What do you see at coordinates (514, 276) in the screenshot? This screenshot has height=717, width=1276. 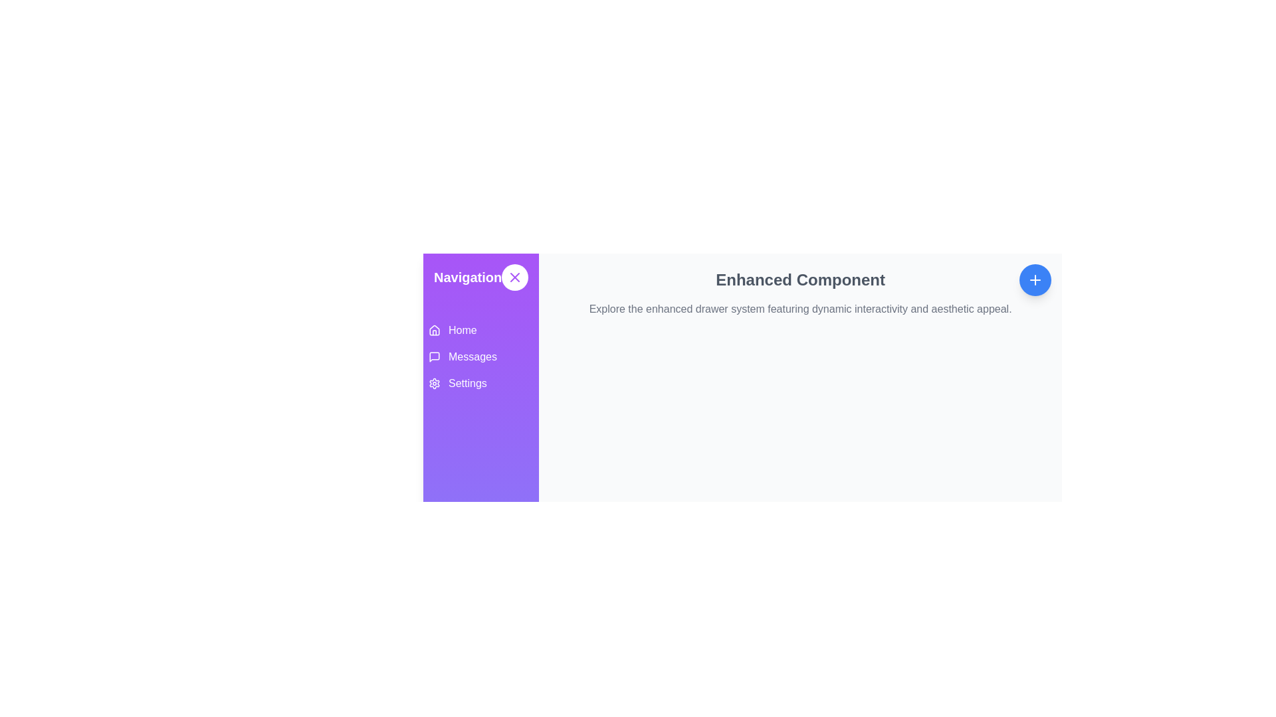 I see `the purple circular button with a white 'X' in the center, located in the vertical navigation panel near the top right corner` at bounding box center [514, 276].